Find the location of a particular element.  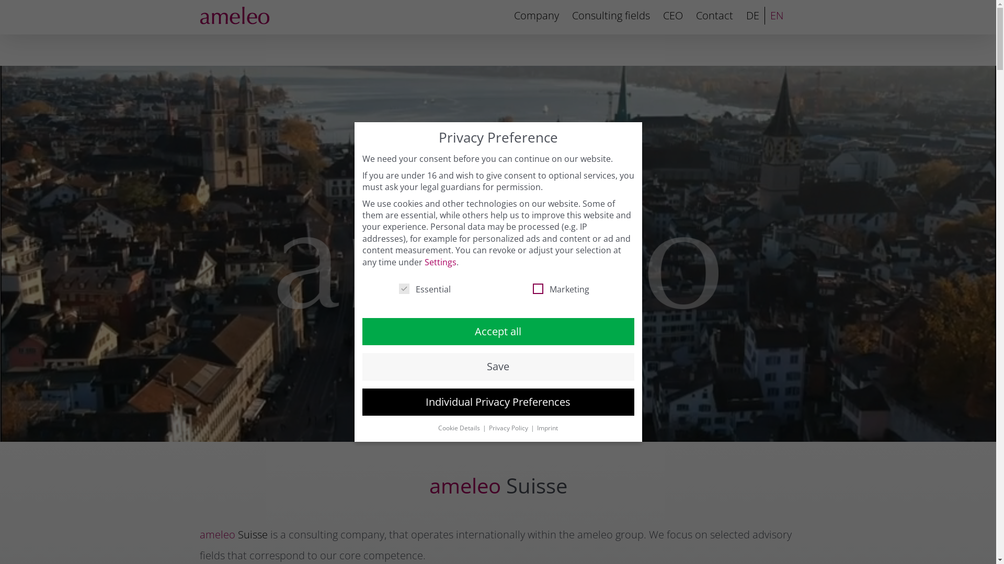

'Contact' is located at coordinates (695, 16).